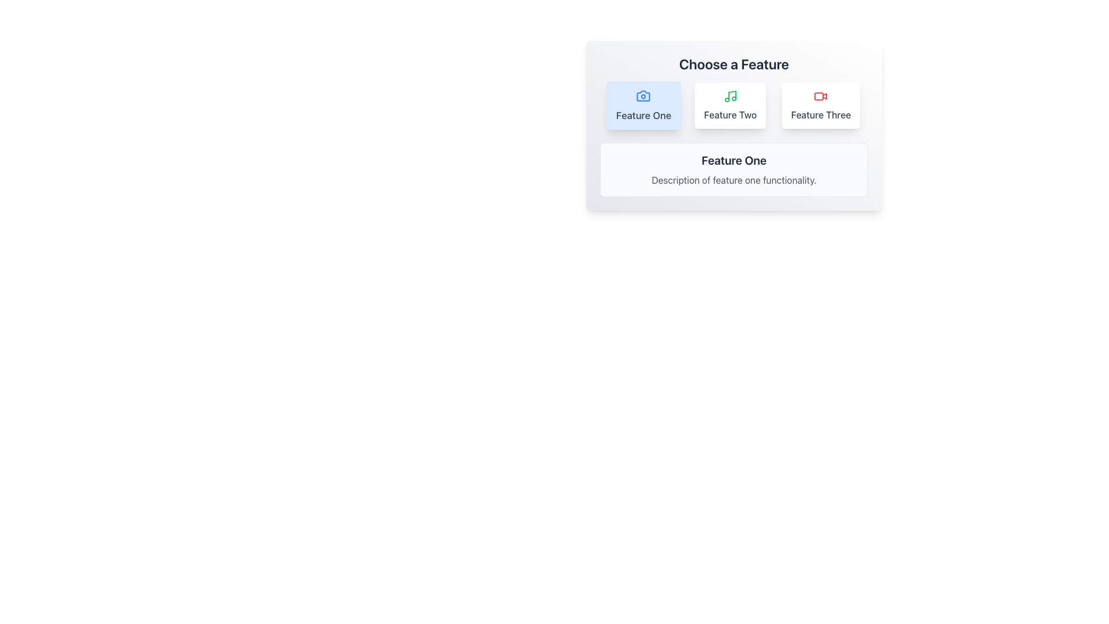 The width and height of the screenshot is (1109, 624). What do you see at coordinates (820, 115) in the screenshot?
I see `the text label reading 'Feature Three' that is part of the feature card in the 'Choose a Feature' panel, located at the top-right section adjacent to the video camera icon` at bounding box center [820, 115].